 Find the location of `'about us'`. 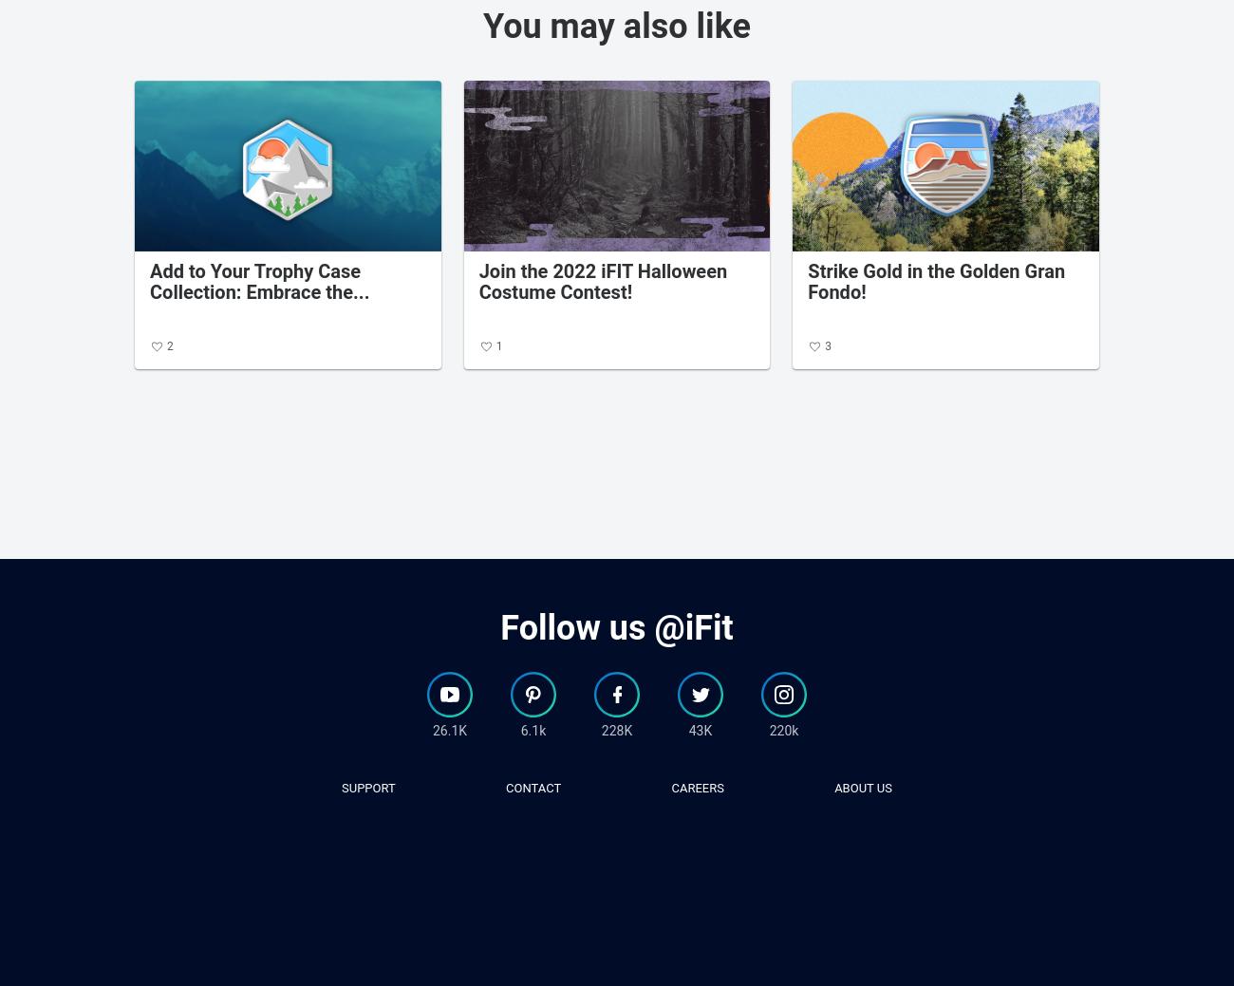

'about us' is located at coordinates (861, 786).